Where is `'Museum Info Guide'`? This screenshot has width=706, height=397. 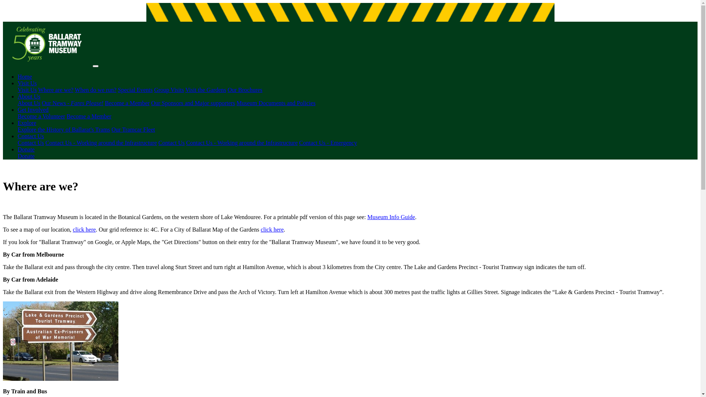 'Museum Info Guide' is located at coordinates (391, 217).